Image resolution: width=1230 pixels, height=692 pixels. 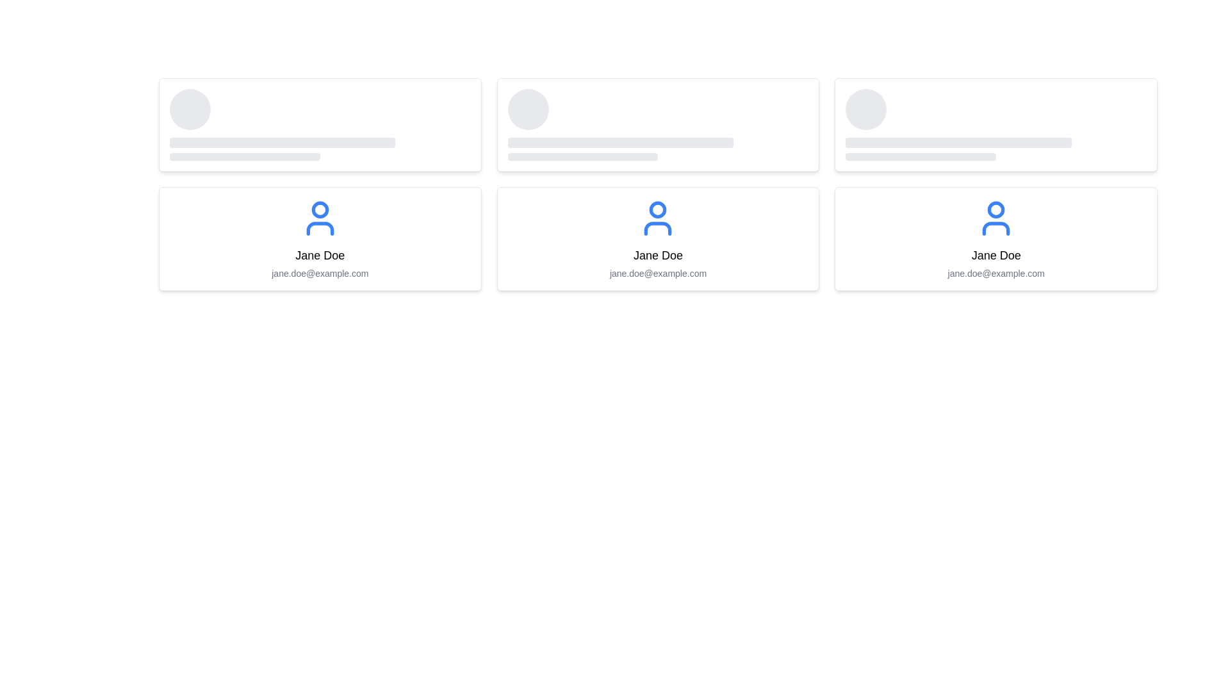 What do you see at coordinates (658, 273) in the screenshot?
I see `email address displayed in the text label, which shows 'jane.doe@example.com' and is located below the name 'Jane Doe' within the card layout` at bounding box center [658, 273].